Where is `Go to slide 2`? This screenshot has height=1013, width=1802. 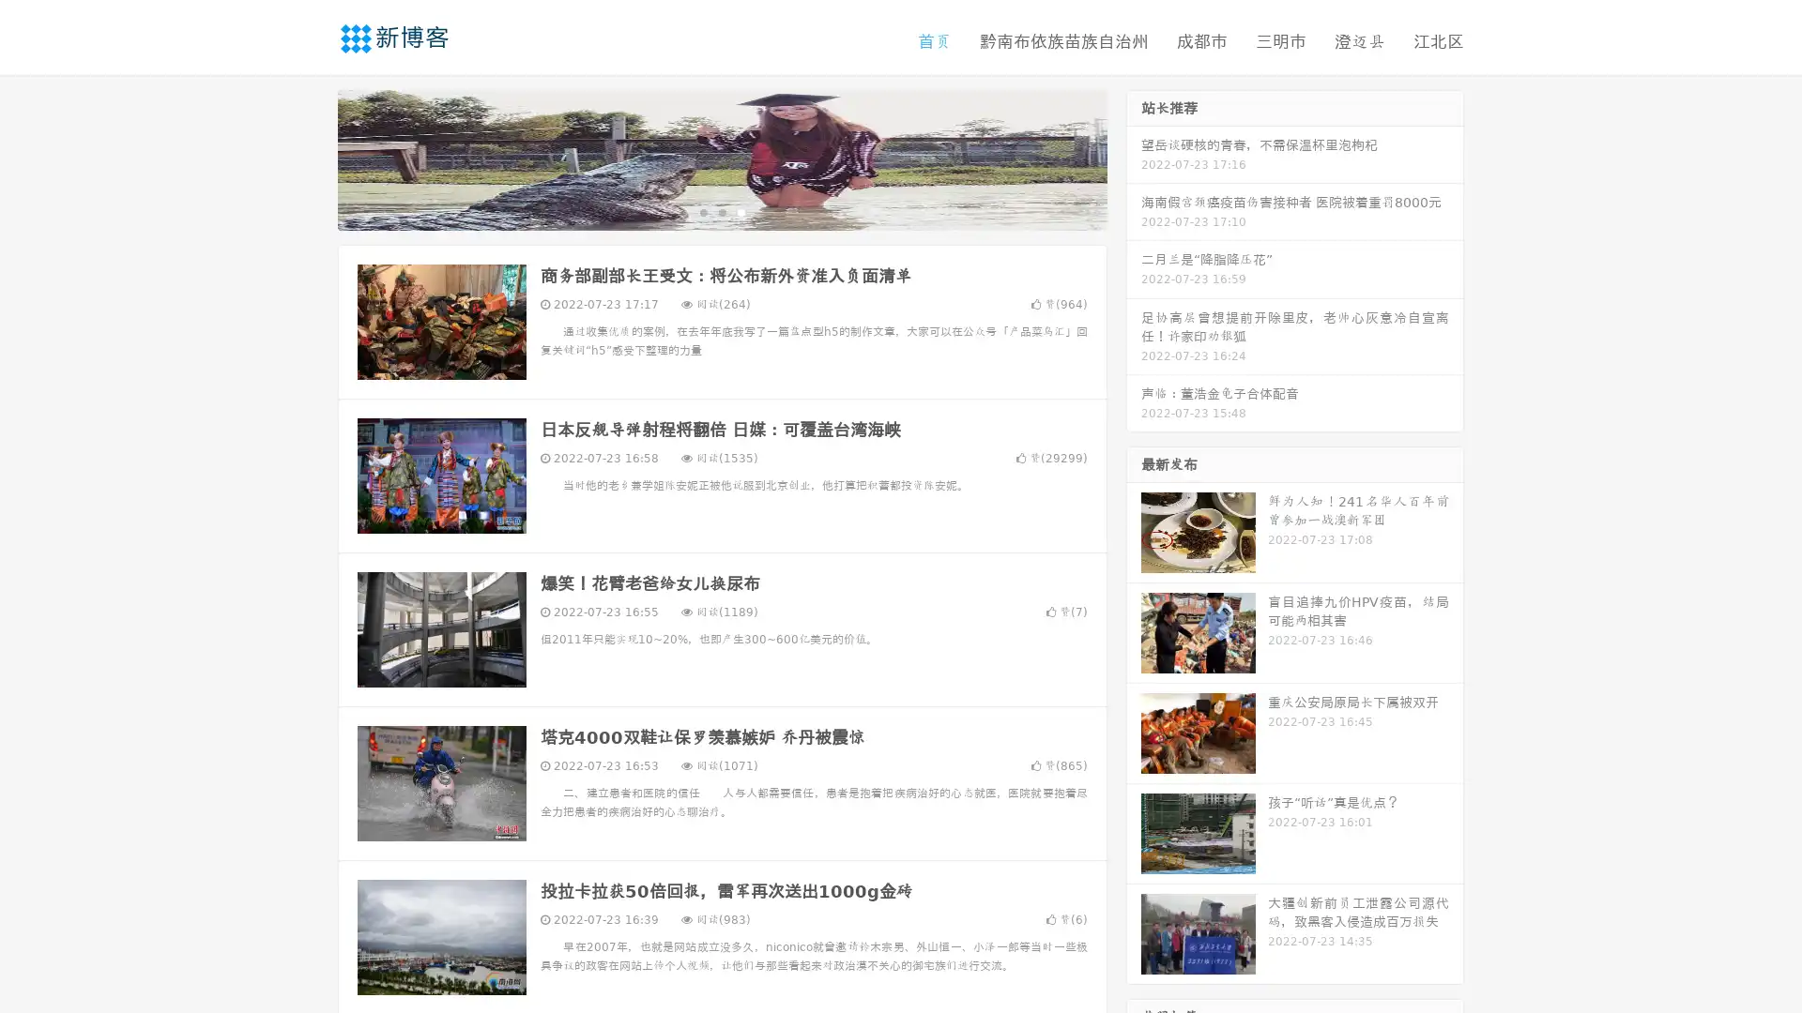 Go to slide 2 is located at coordinates (721, 211).